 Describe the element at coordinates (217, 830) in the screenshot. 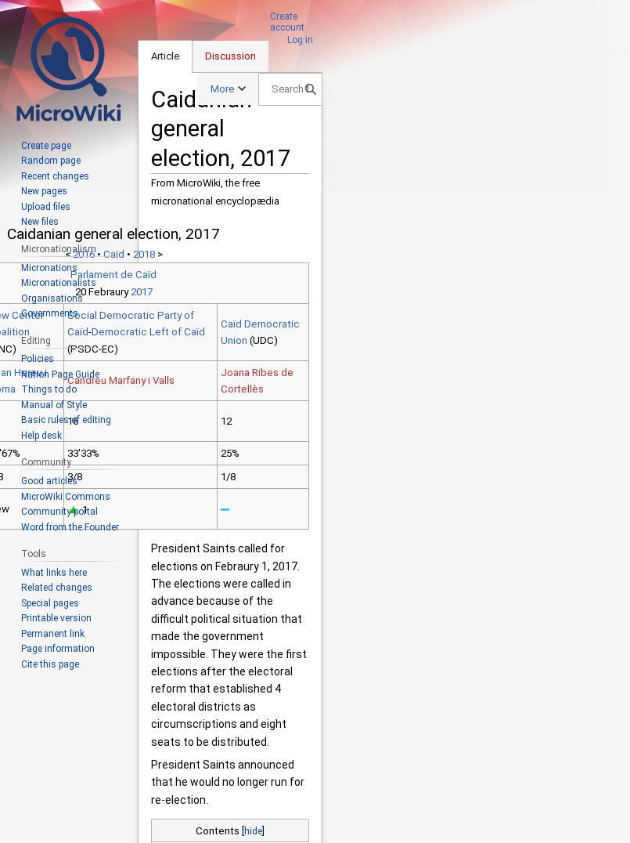

I see `'Contents'` at that location.